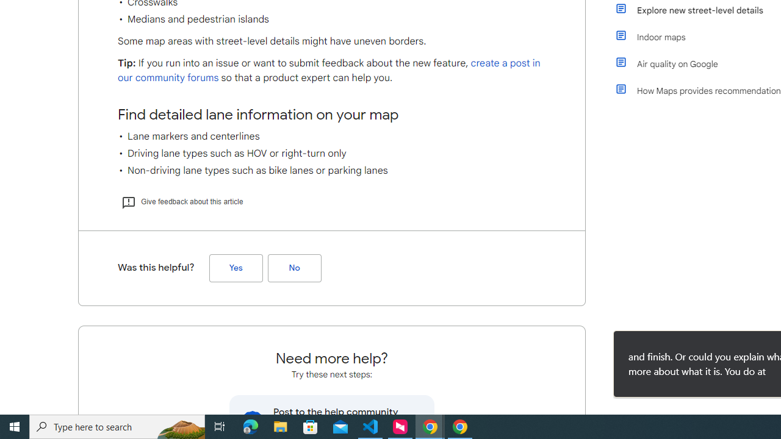  What do you see at coordinates (181, 201) in the screenshot?
I see `'Give feedback about this article'` at bounding box center [181, 201].